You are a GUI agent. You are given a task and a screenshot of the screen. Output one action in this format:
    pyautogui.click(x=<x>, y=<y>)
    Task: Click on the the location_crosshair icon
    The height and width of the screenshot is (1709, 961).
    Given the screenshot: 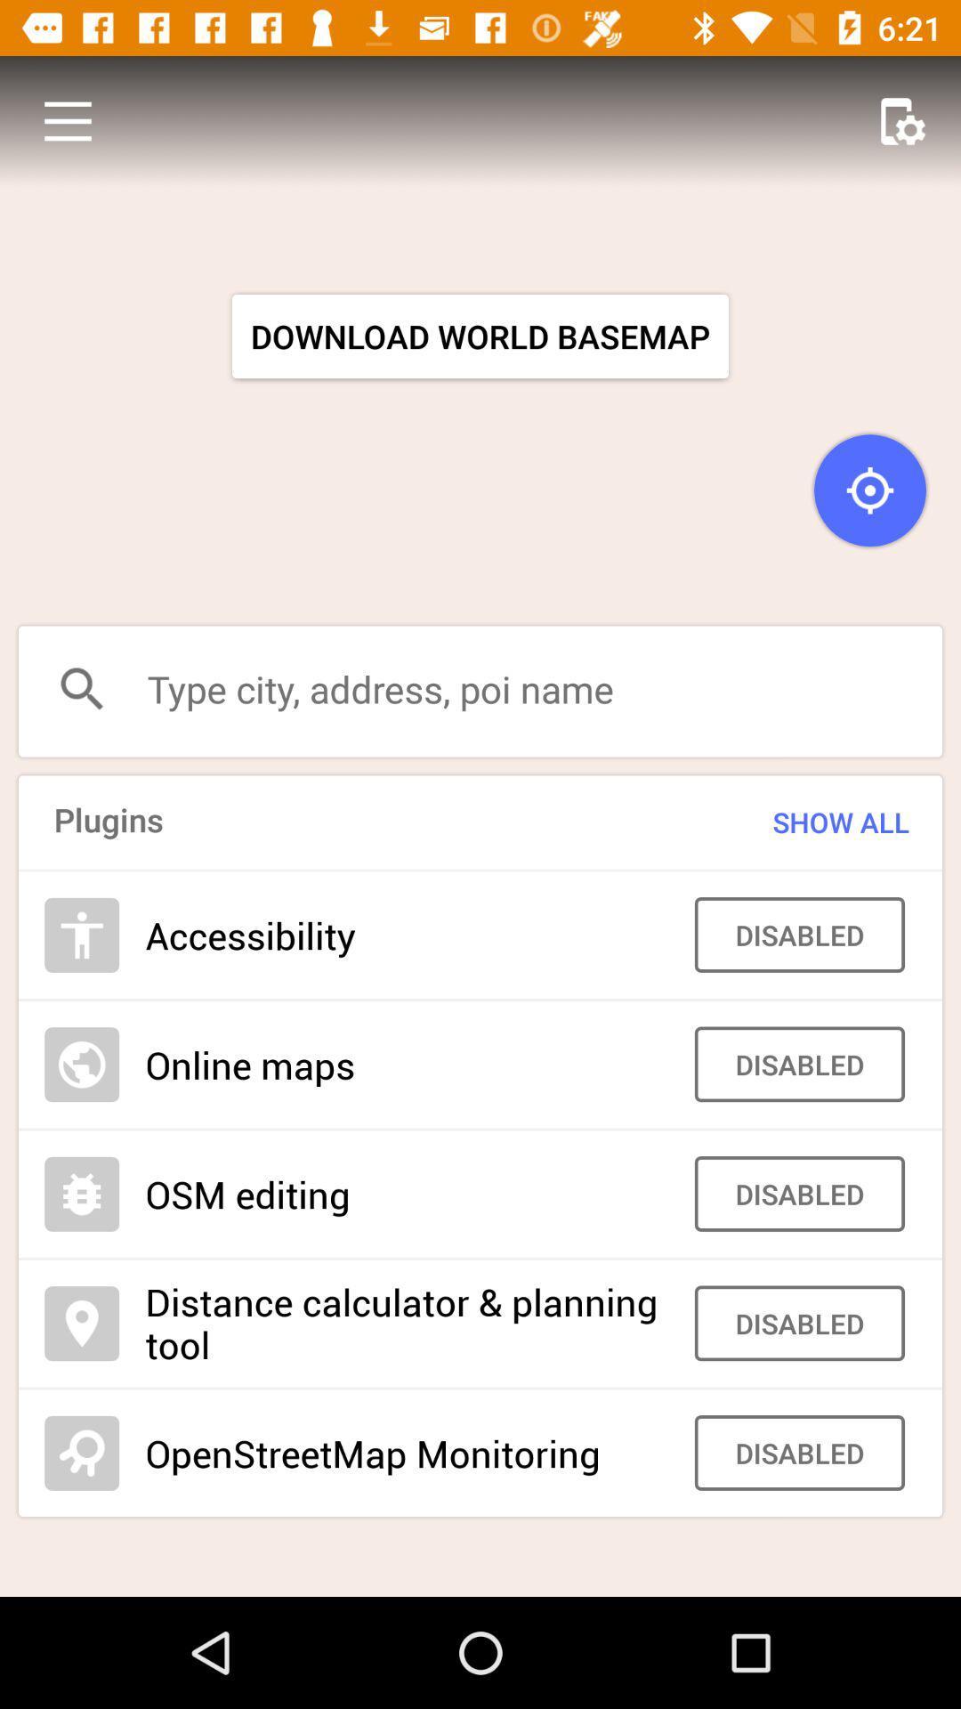 What is the action you would take?
    pyautogui.click(x=869, y=490)
    